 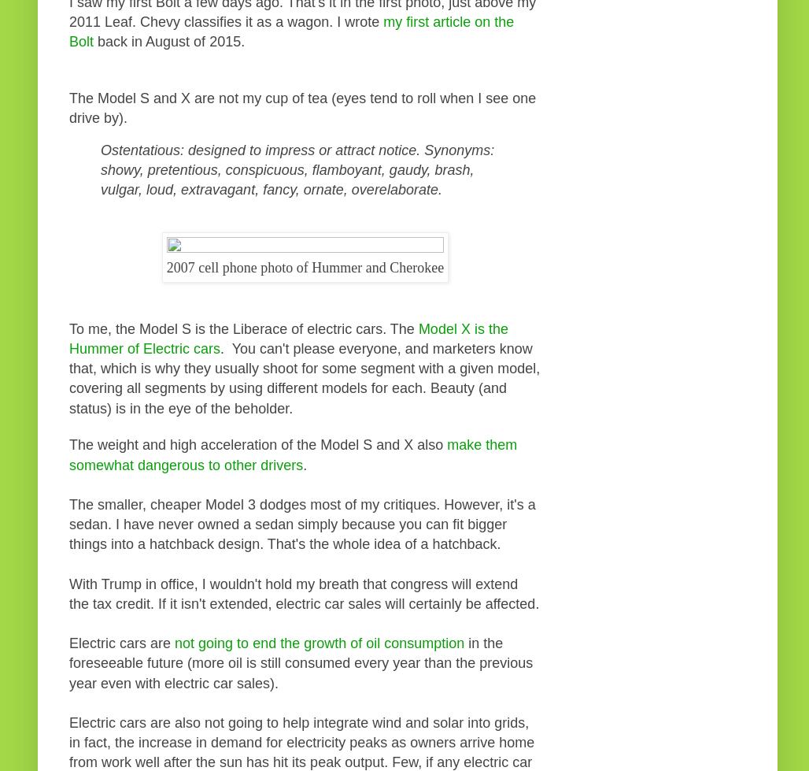 What do you see at coordinates (287, 338) in the screenshot?
I see `'Model X is the Hummer of Electric cars'` at bounding box center [287, 338].